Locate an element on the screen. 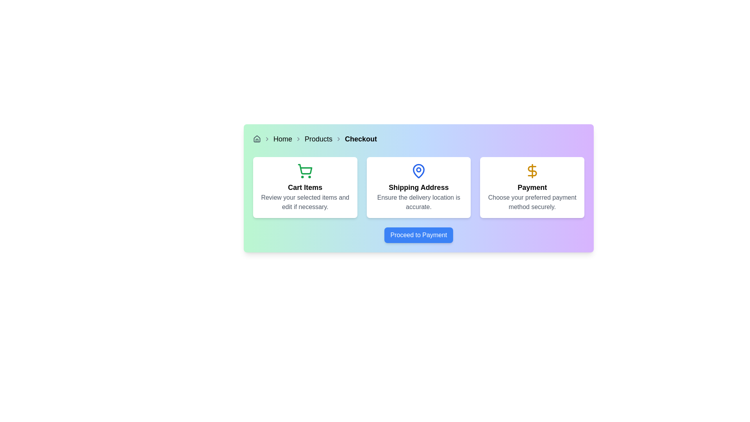 This screenshot has width=750, height=422. the design of the larger house outline icon located at the top-left corner of the breadcrumb navigation bar, which indicates a link to the home page is located at coordinates (257, 138).